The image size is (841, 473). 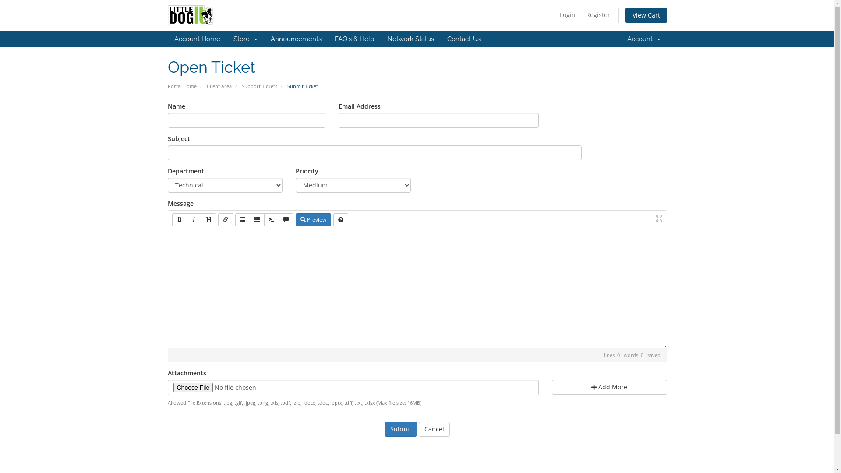 What do you see at coordinates (340, 219) in the screenshot?
I see `'Help'` at bounding box center [340, 219].